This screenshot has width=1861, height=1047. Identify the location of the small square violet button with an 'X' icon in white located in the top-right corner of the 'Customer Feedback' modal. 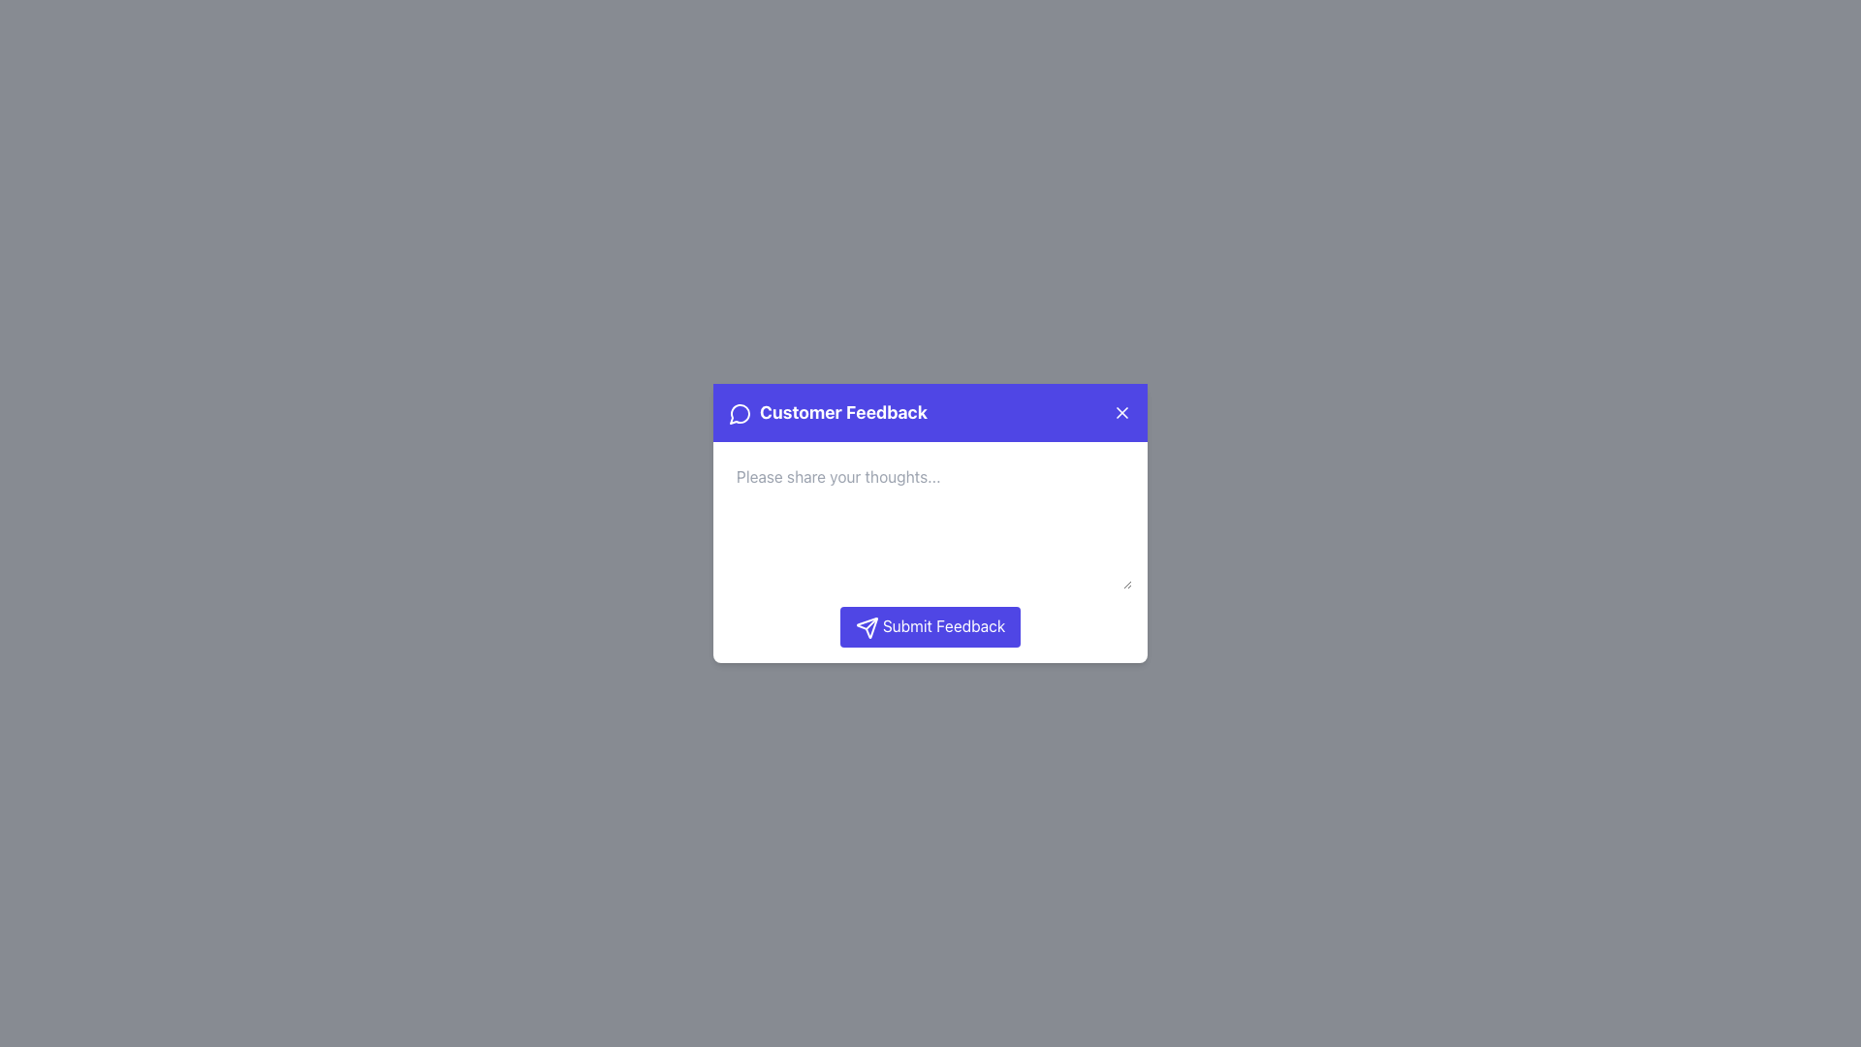
(1121, 411).